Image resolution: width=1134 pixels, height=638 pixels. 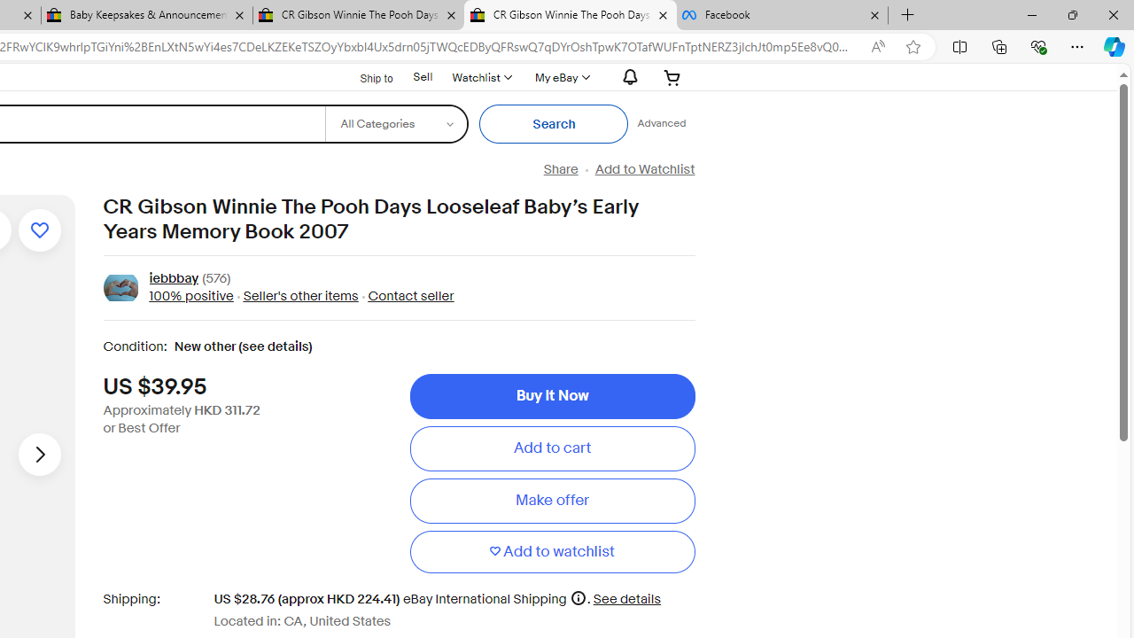 What do you see at coordinates (422, 76) in the screenshot?
I see `'Sell'` at bounding box center [422, 76].